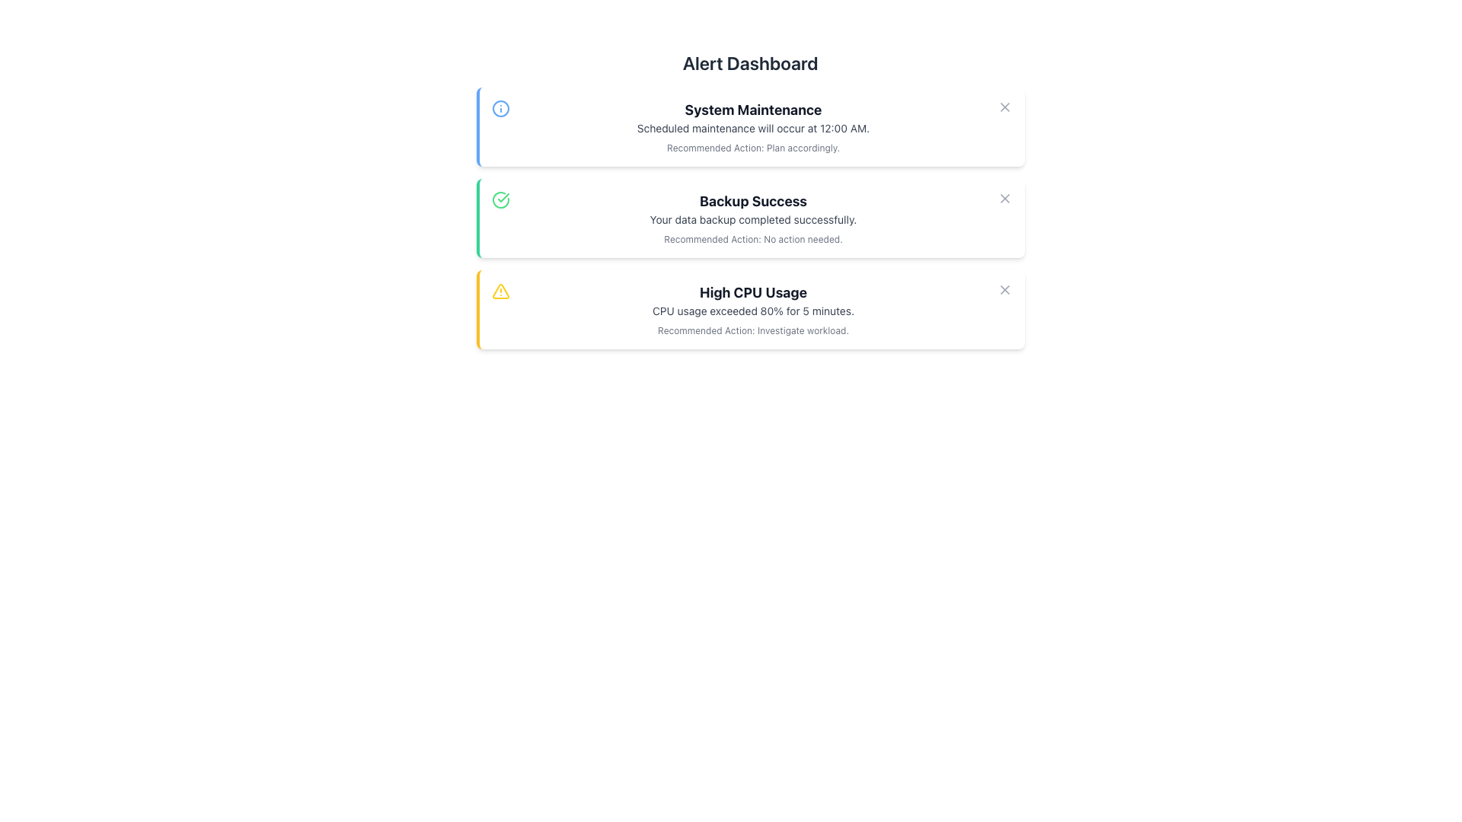  Describe the element at coordinates (500, 199) in the screenshot. I see `the success indicator icon located on the left side of the 'Backup Success' card in the alert dashboard` at that location.